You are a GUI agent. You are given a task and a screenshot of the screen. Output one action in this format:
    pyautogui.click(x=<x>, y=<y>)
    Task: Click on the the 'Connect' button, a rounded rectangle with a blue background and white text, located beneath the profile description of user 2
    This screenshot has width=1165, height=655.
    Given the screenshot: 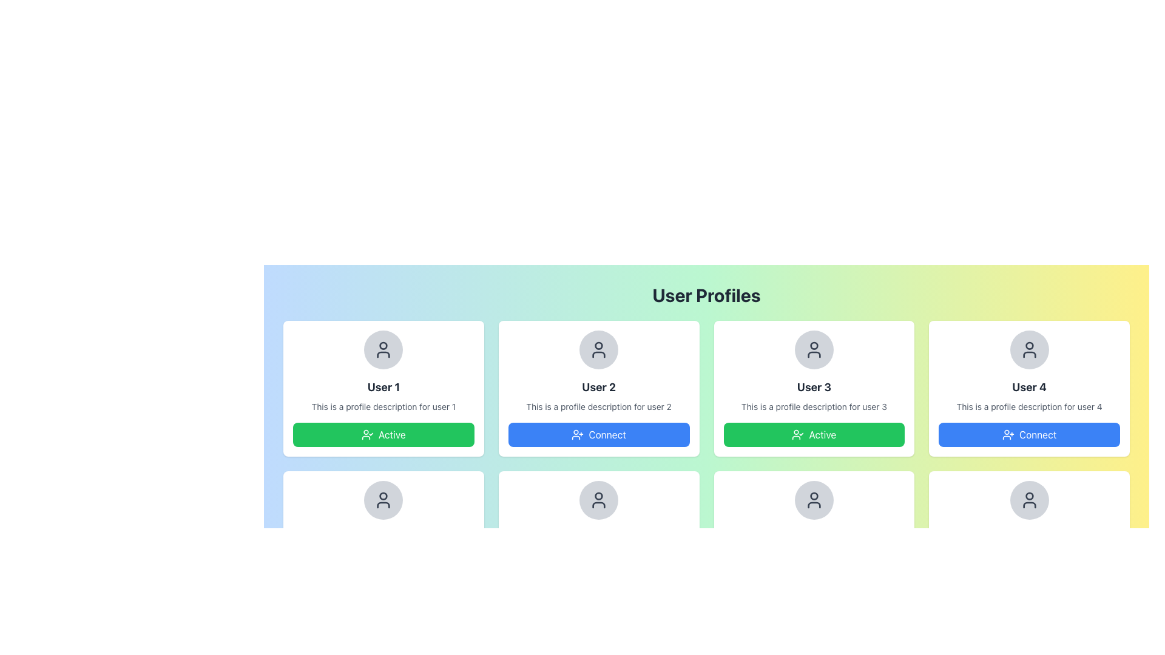 What is the action you would take?
    pyautogui.click(x=599, y=434)
    